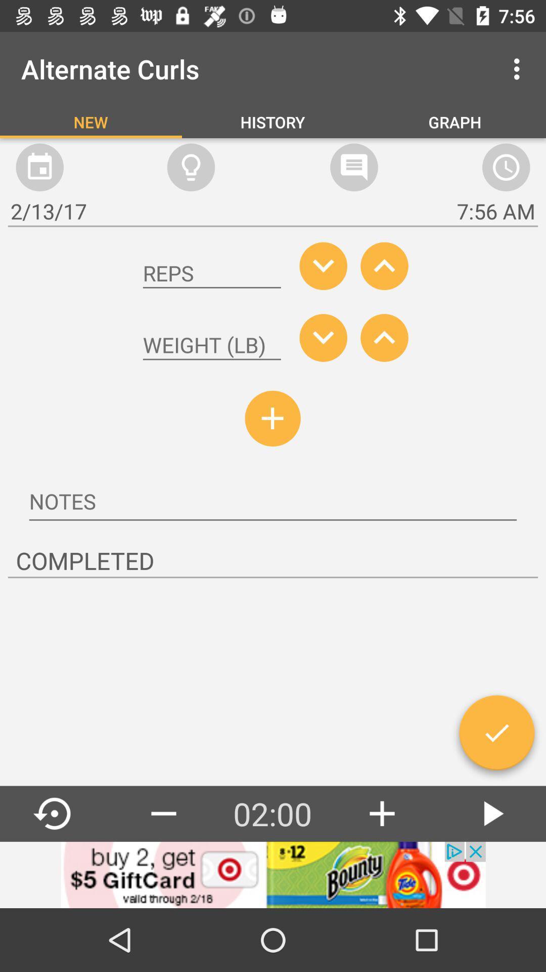  I want to click on to accept correct, so click(496, 737).